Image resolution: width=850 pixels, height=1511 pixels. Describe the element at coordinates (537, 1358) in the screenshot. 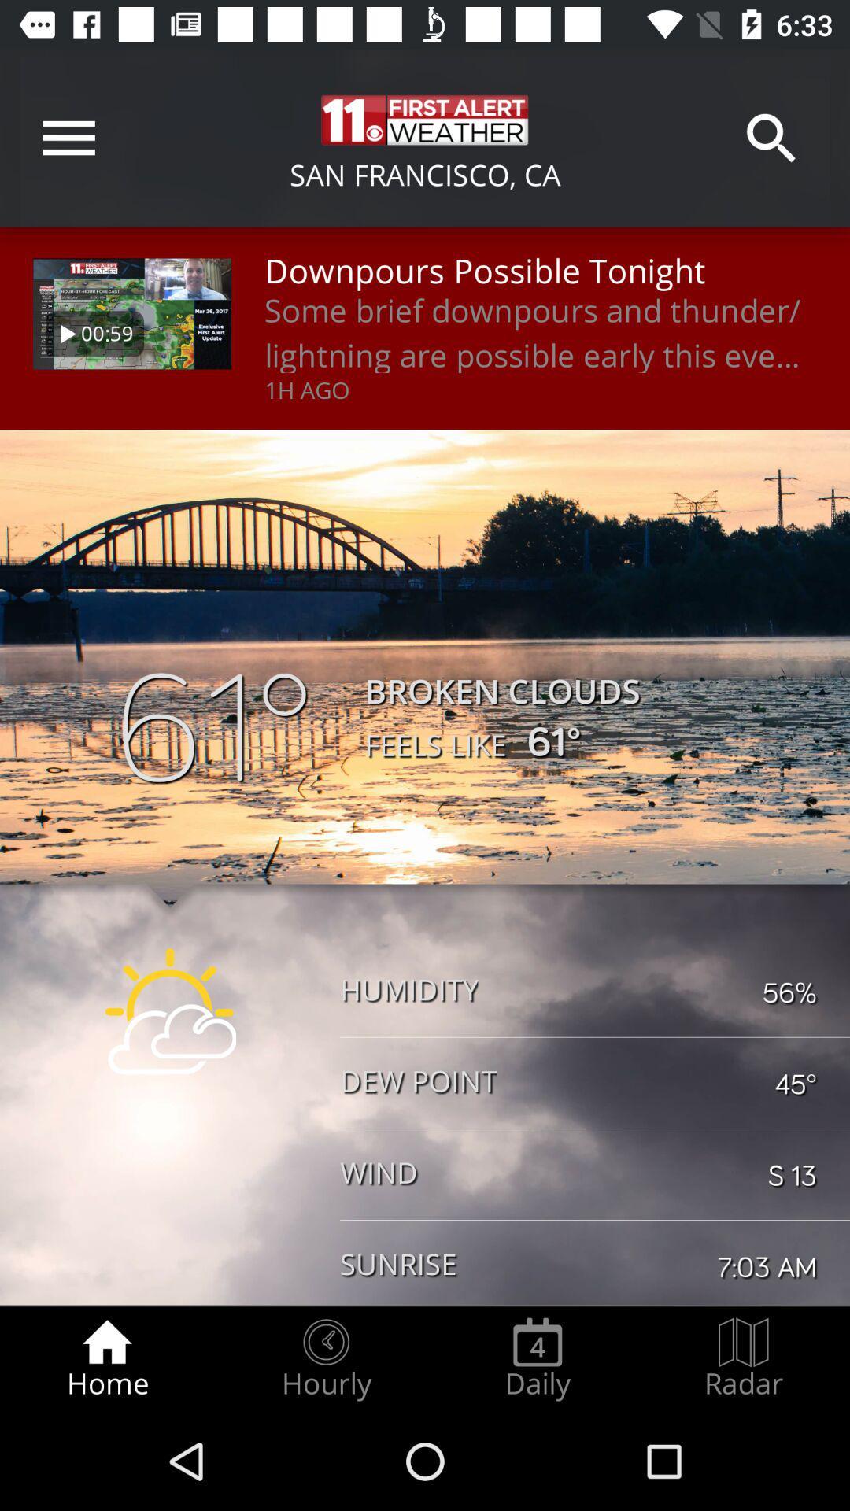

I see `the icon next to the radar item` at that location.